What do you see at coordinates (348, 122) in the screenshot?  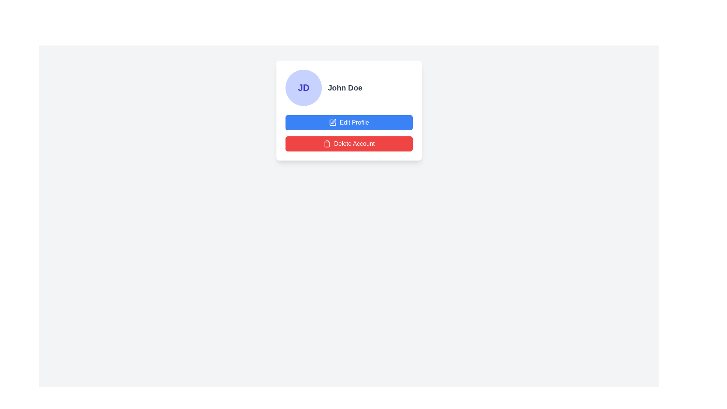 I see `the profile editing button located at the center of the form, positioned above the 'Delete Account' button and below the user name and profile icon` at bounding box center [348, 122].